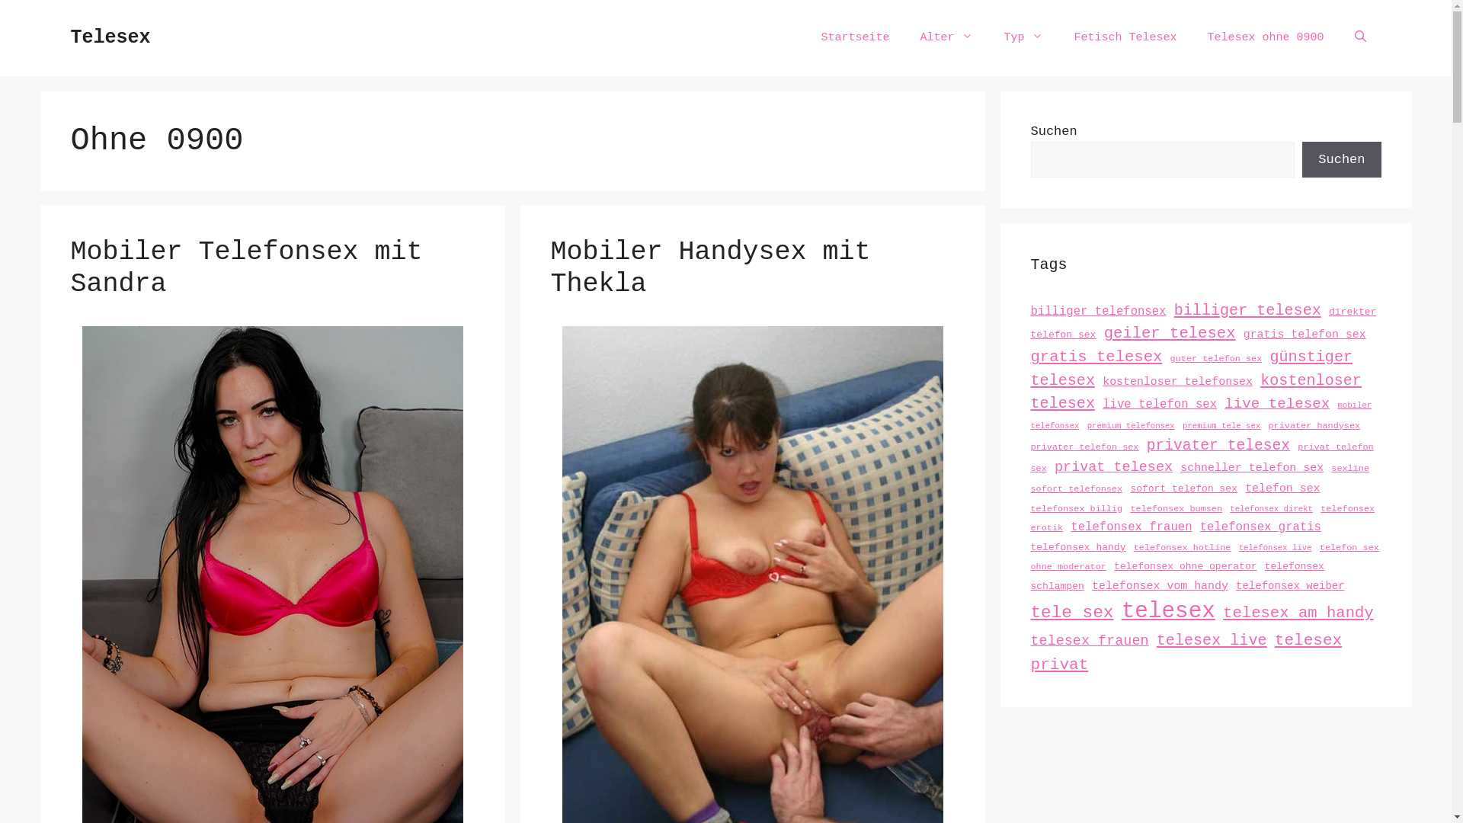  I want to click on 'tele sex', so click(1071, 611).